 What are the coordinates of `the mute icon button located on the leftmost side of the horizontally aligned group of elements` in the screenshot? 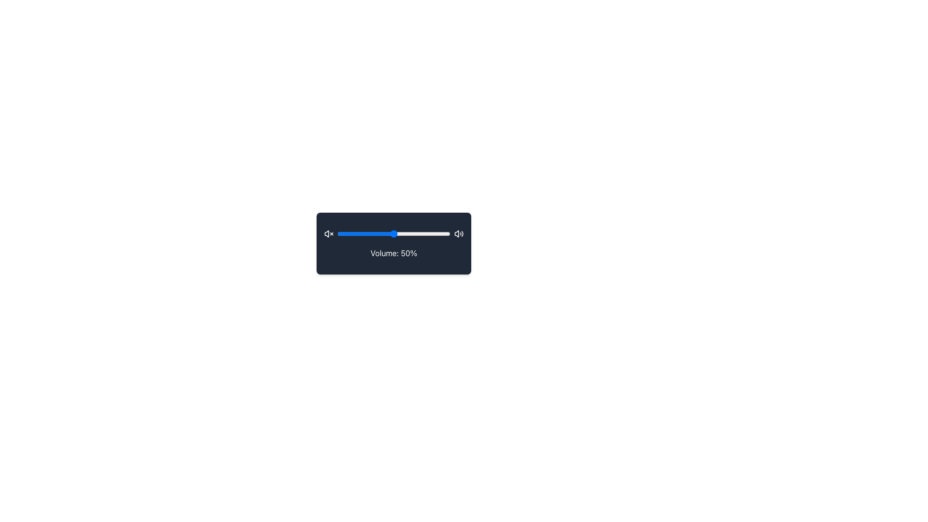 It's located at (329, 233).